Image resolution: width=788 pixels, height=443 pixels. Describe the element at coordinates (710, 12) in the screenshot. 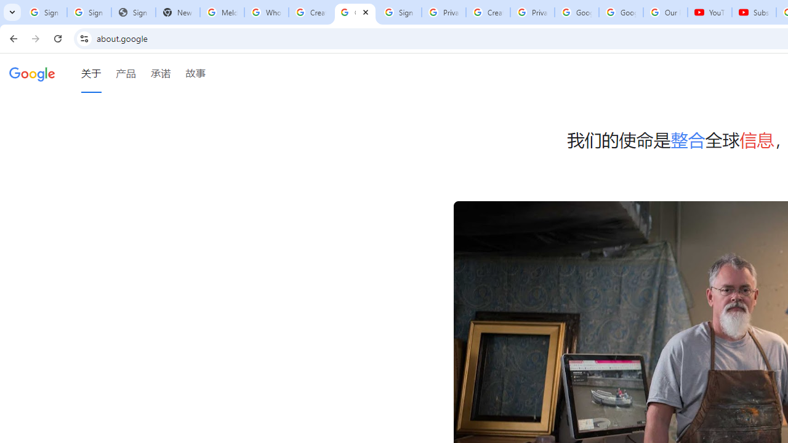

I see `'YouTube'` at that location.